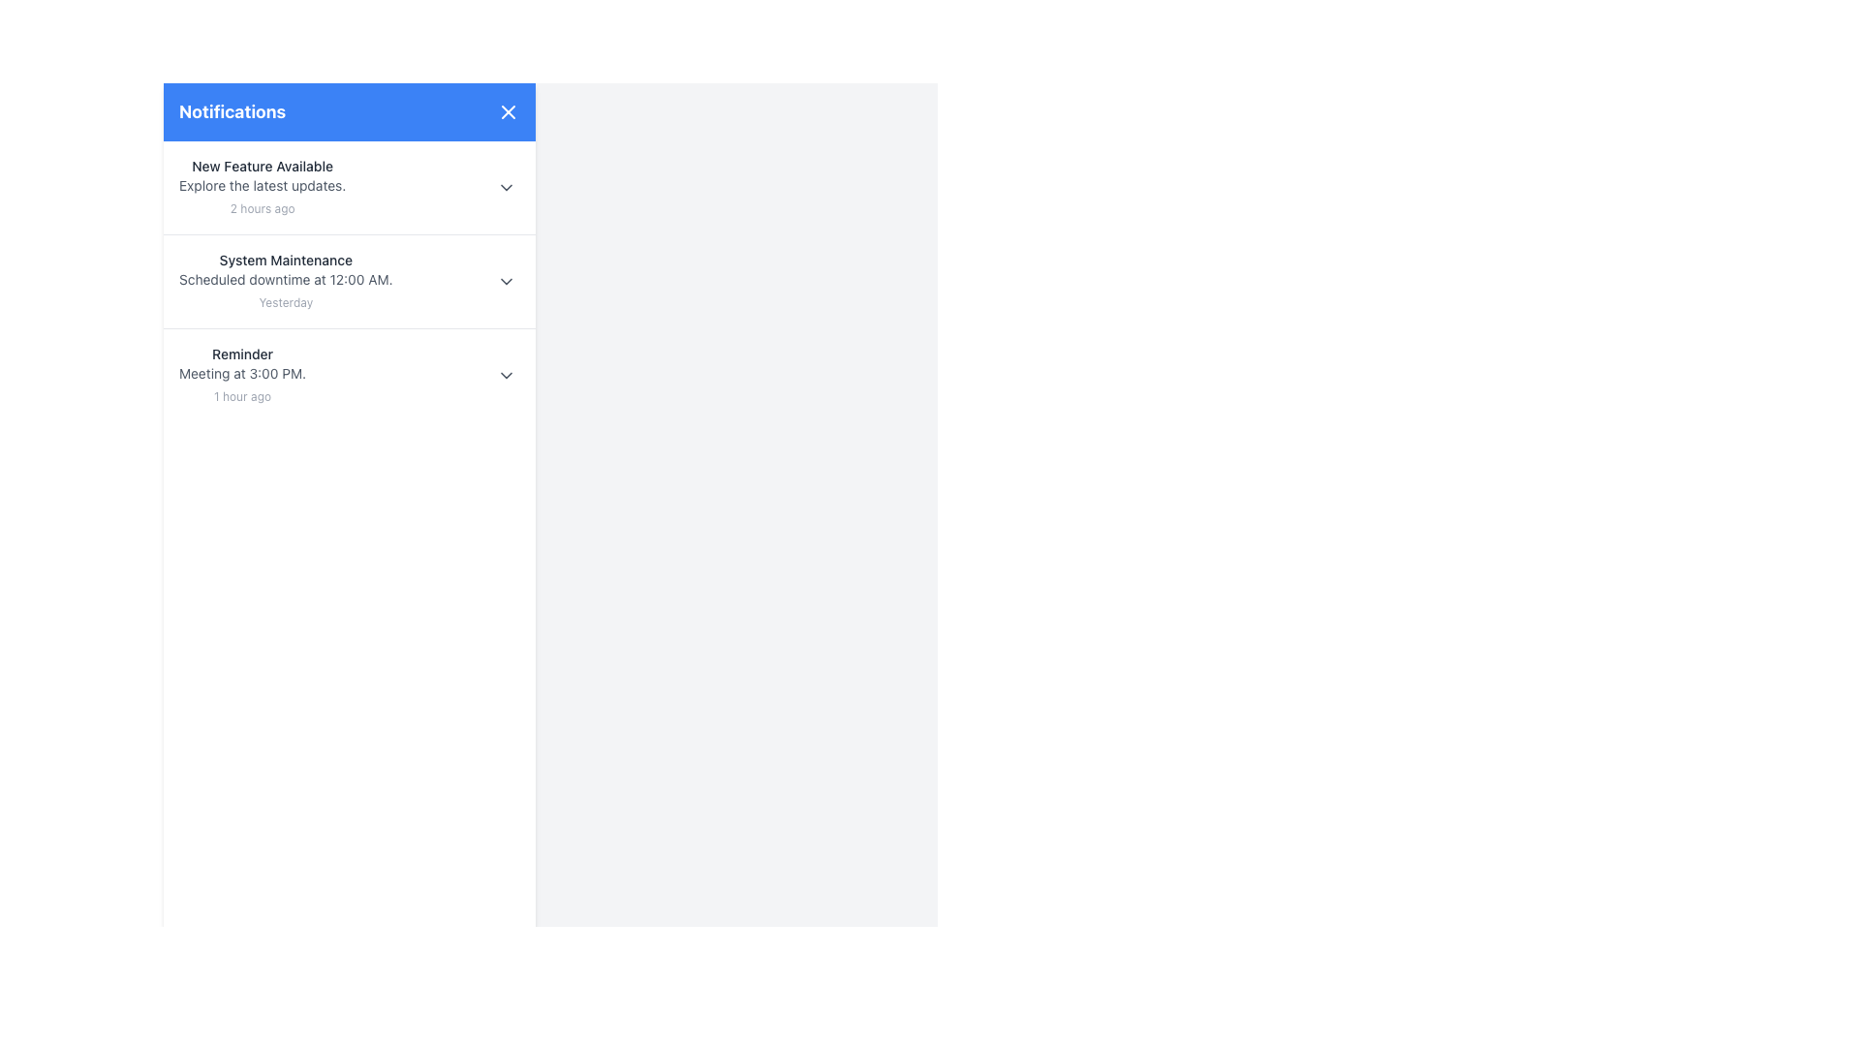 This screenshot has height=1046, width=1860. I want to click on the Text Label that informs the user about the age of the notification related to the 'Reminder' titled 'Meeting at 3:00 PM.', so click(241, 395).